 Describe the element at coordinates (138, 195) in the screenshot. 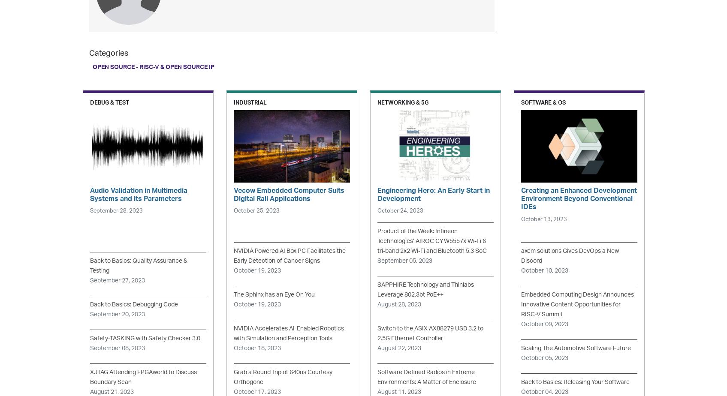

I see `'Audio Validation in Multimedia Systems and its Parameters'` at that location.